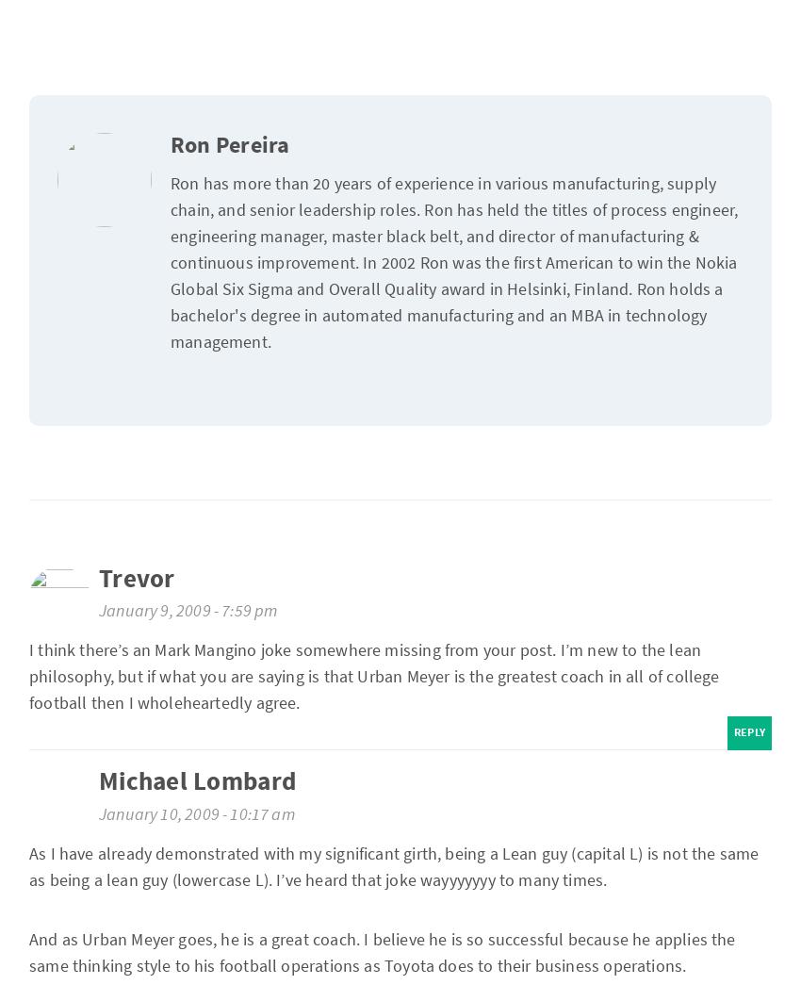  What do you see at coordinates (382, 950) in the screenshot?
I see `'And as Urban Meyer goes, he is a great coach.  I believe he is so successful because he applies the same thinking style to his football operations as Toyota does to their business operations.'` at bounding box center [382, 950].